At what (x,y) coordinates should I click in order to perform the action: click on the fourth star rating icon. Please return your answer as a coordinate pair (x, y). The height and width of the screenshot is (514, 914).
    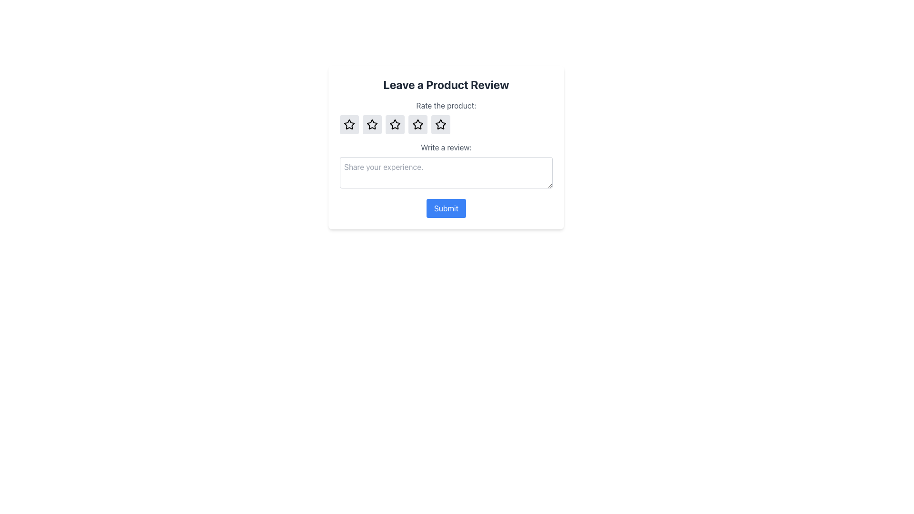
    Looking at the image, I should click on (418, 124).